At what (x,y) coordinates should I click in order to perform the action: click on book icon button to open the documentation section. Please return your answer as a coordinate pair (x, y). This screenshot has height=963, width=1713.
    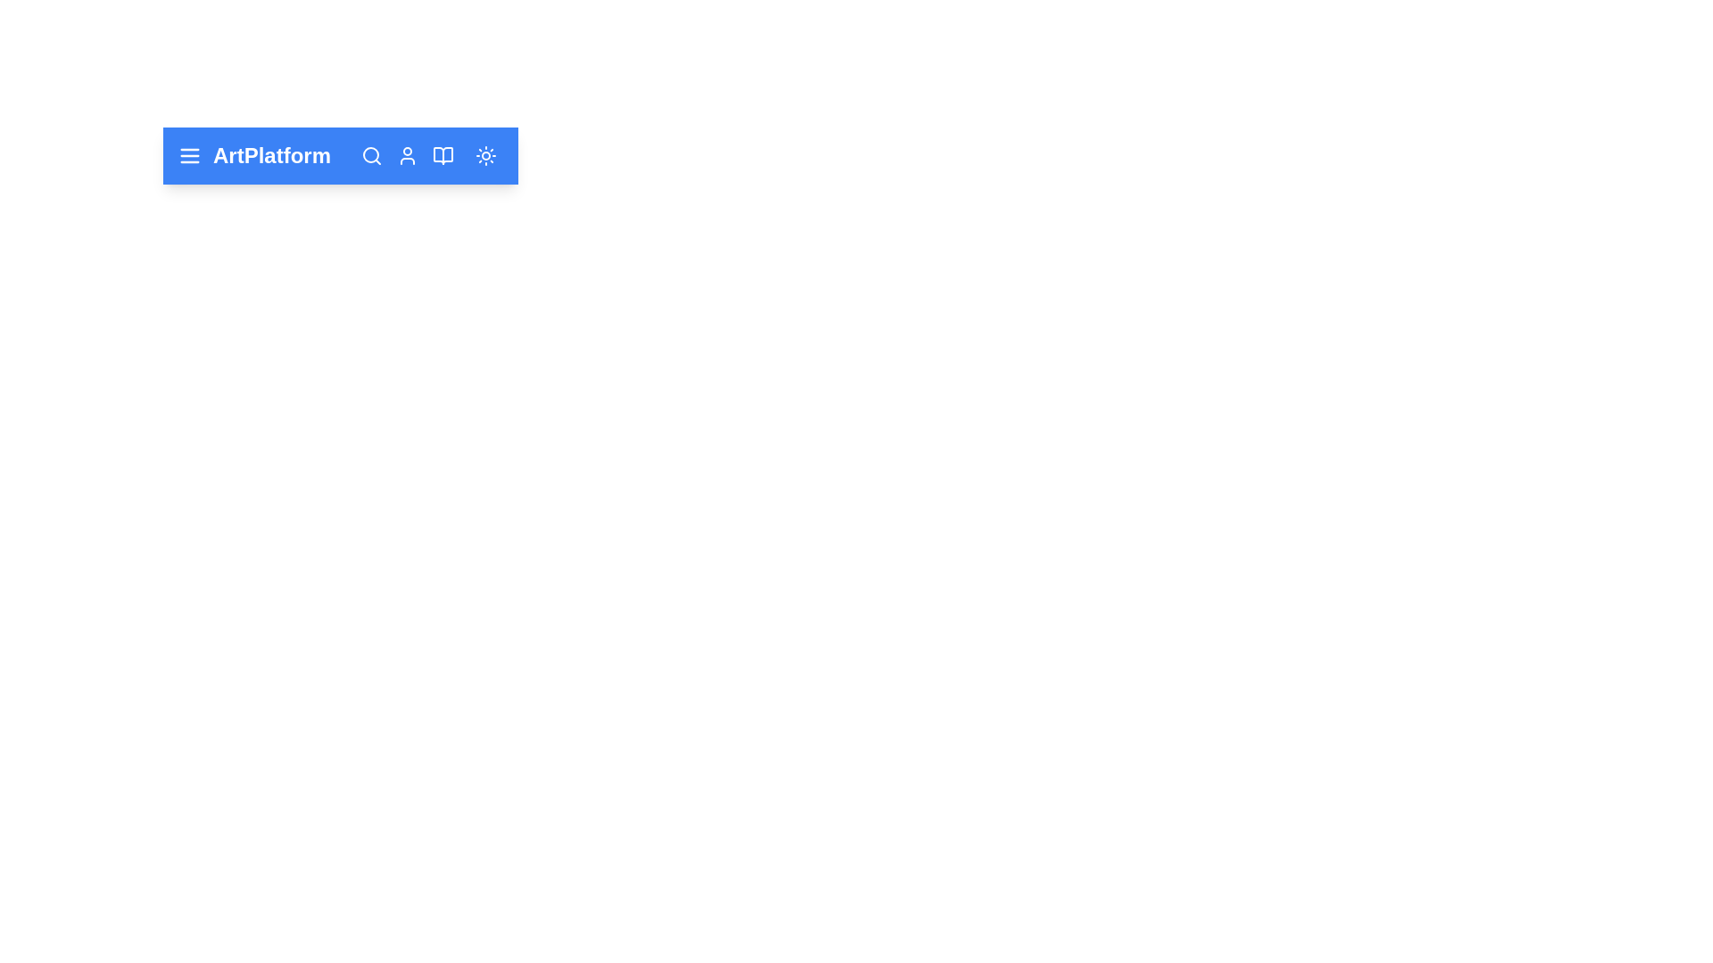
    Looking at the image, I should click on (443, 154).